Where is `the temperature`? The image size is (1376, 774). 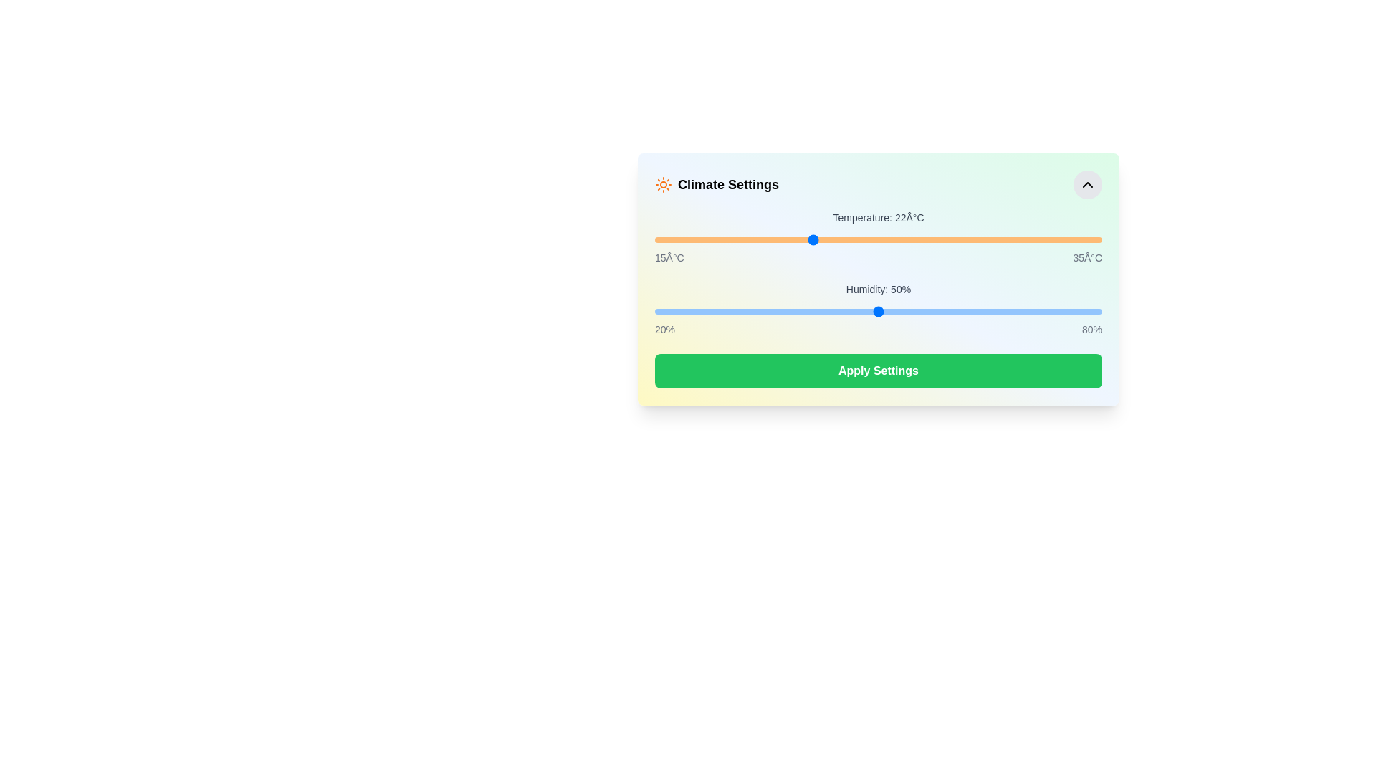 the temperature is located at coordinates (945, 239).